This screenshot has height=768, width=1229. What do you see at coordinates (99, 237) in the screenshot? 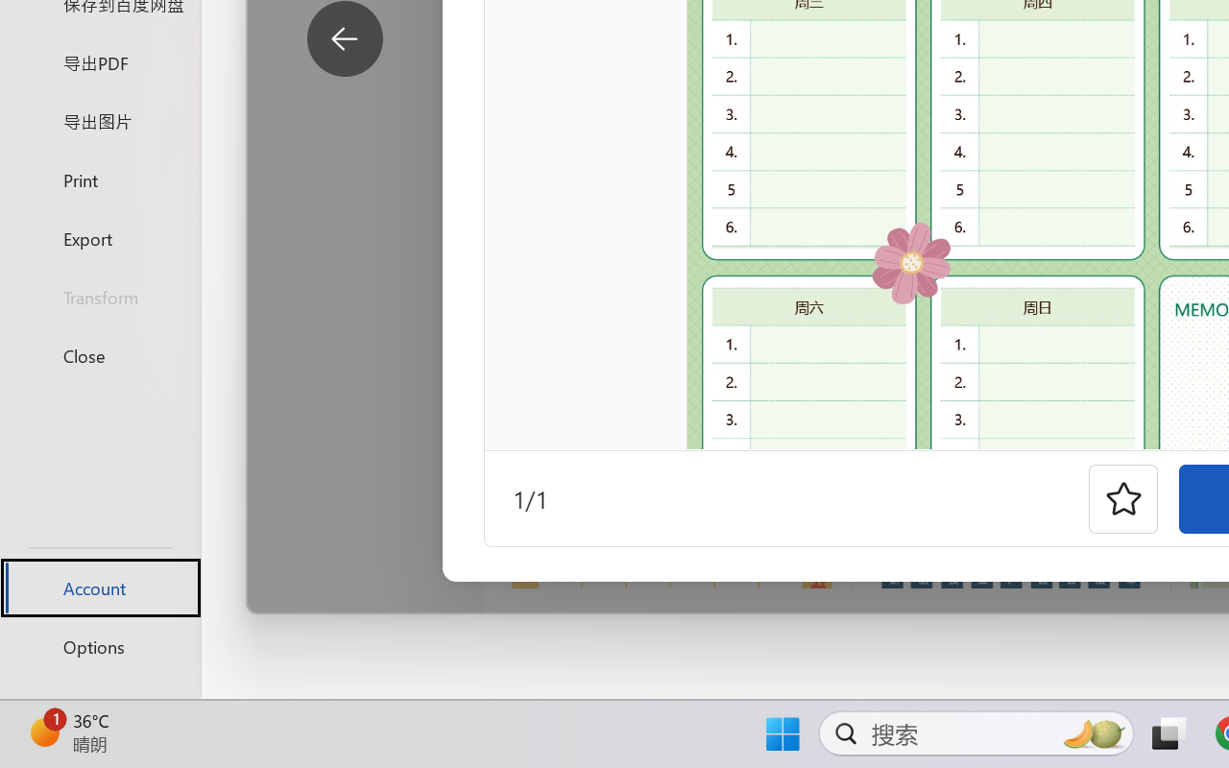
I see `'Export'` at bounding box center [99, 237].